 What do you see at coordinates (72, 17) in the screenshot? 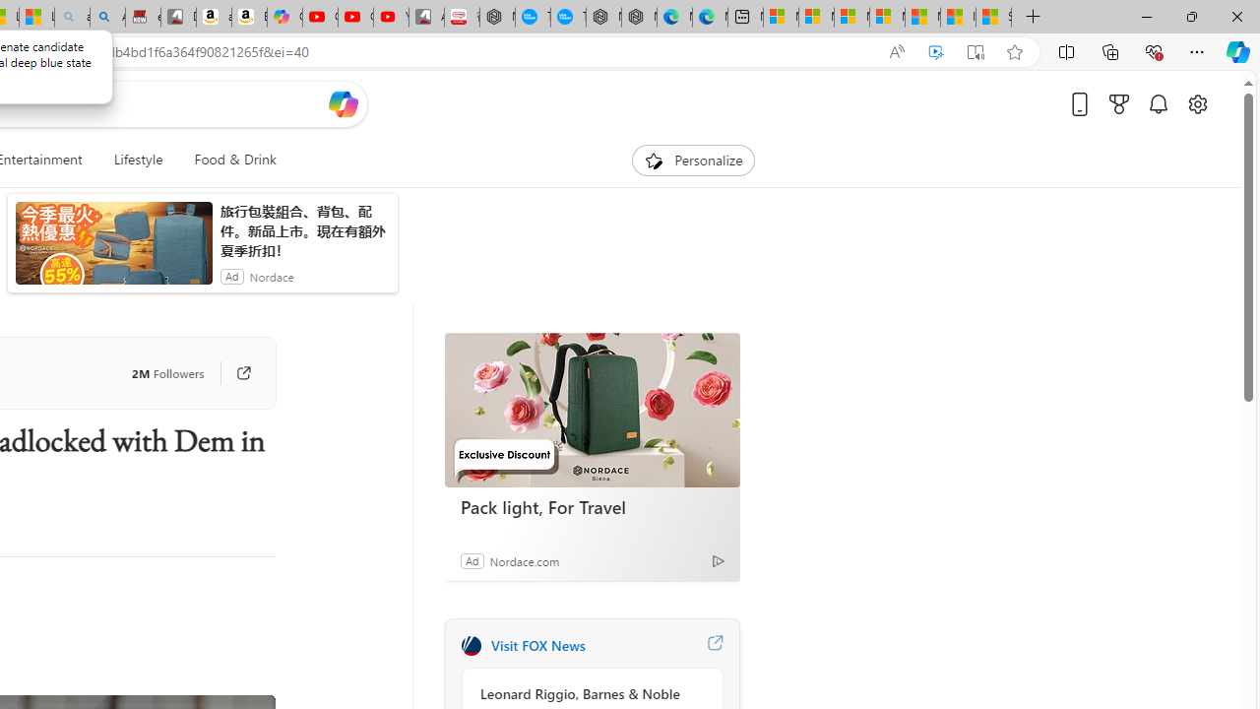
I see `'amazon - Search - Sleeping'` at bounding box center [72, 17].